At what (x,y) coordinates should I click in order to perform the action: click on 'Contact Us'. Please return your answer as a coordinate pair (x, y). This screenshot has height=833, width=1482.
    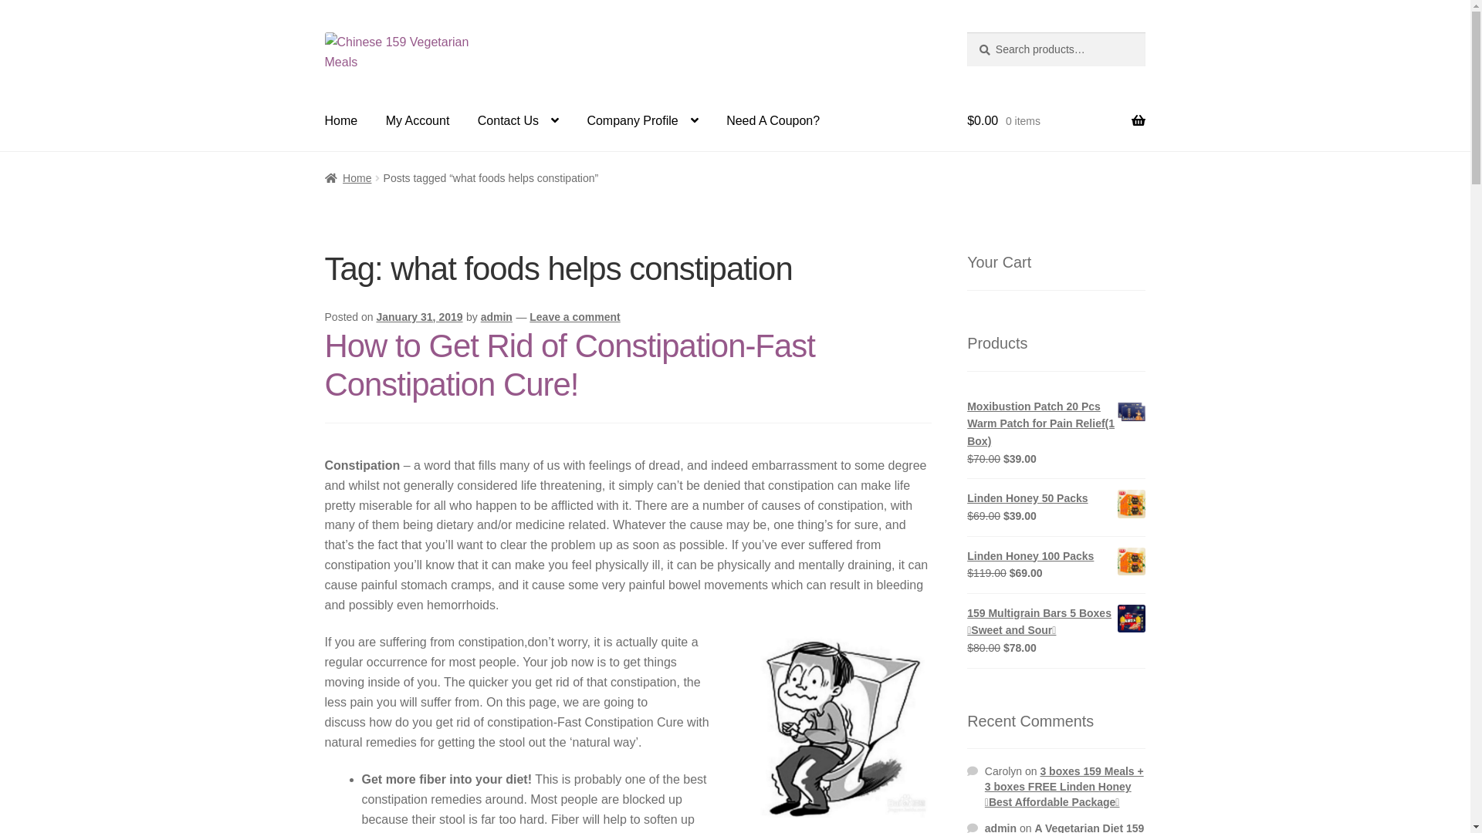
    Looking at the image, I should click on (465, 120).